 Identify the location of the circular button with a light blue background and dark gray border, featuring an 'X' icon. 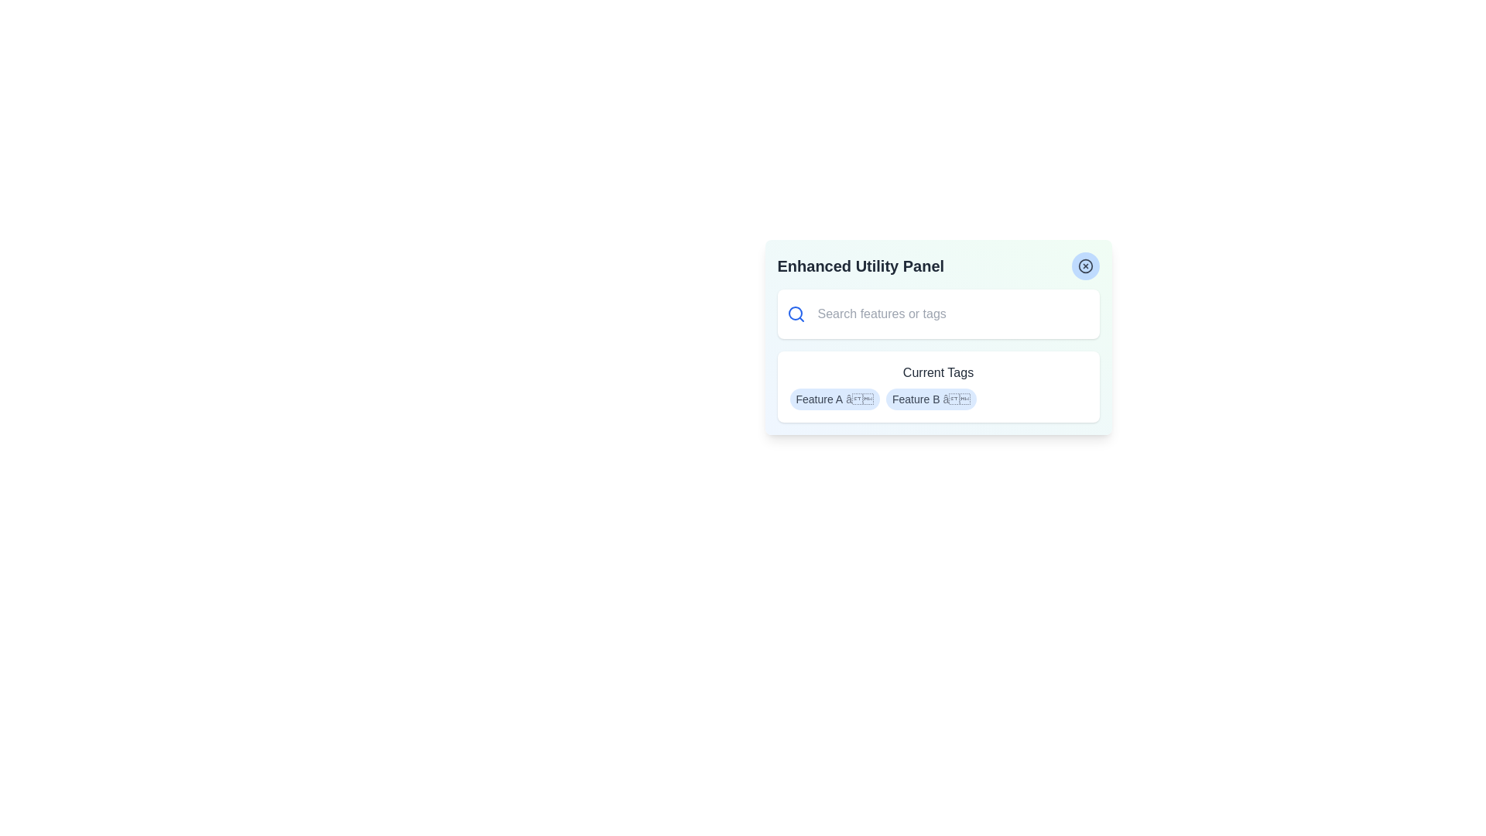
(1084, 265).